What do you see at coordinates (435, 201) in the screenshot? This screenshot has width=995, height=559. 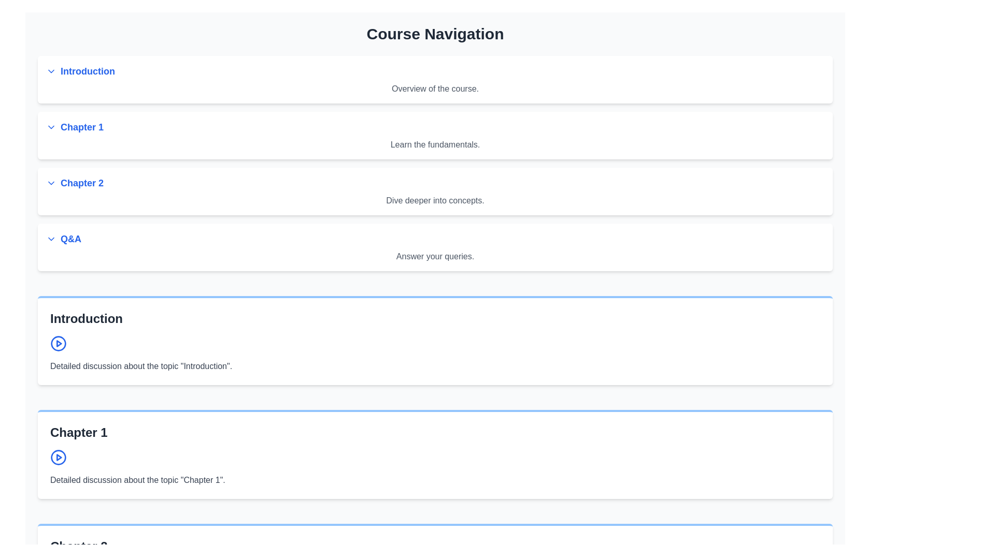 I see `the informational text that reads 'Dive deeper into concepts.' which is styled in gray and located directly beneath the blue hyperlink labeled 'Chapter 2'` at bounding box center [435, 201].